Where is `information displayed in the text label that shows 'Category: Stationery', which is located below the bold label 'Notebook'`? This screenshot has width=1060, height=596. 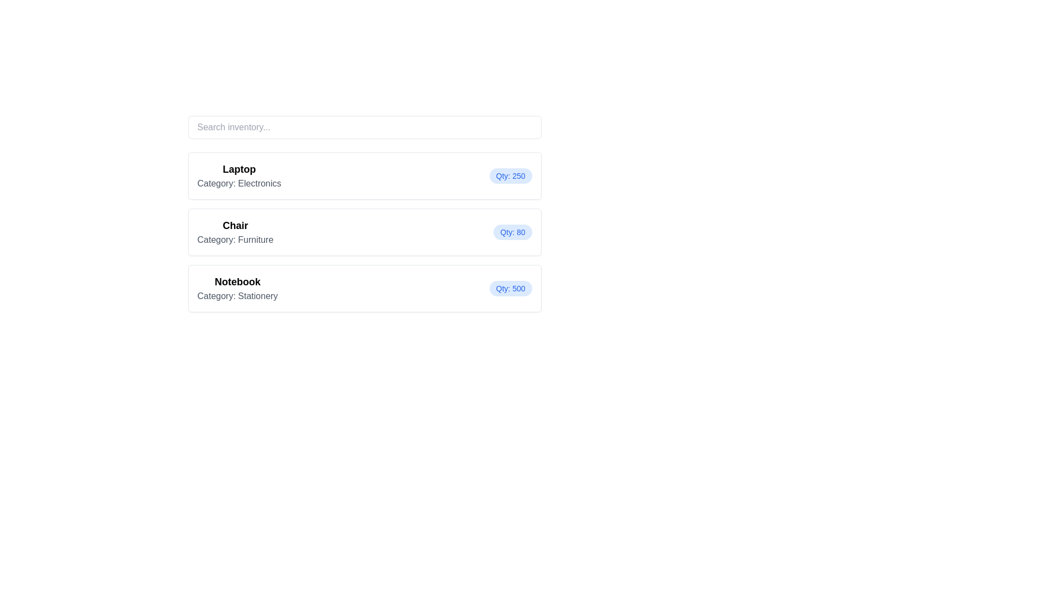
information displayed in the text label that shows 'Category: Stationery', which is located below the bold label 'Notebook' is located at coordinates (237, 295).